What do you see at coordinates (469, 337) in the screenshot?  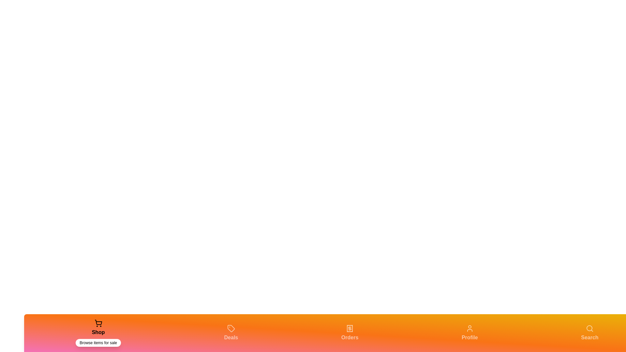 I see `the label of the tab Profile` at bounding box center [469, 337].